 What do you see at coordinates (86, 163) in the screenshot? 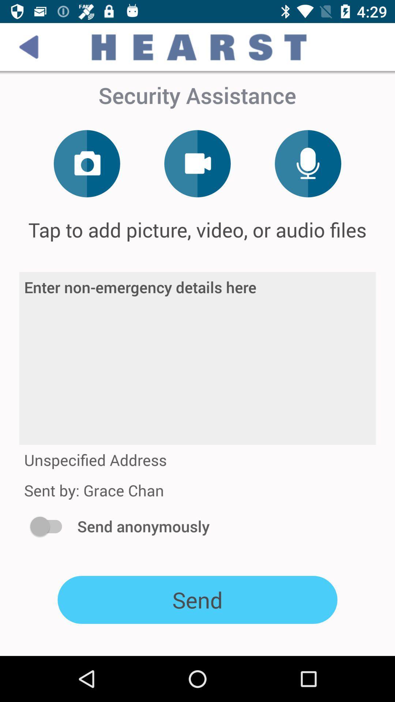
I see `the photo icon` at bounding box center [86, 163].